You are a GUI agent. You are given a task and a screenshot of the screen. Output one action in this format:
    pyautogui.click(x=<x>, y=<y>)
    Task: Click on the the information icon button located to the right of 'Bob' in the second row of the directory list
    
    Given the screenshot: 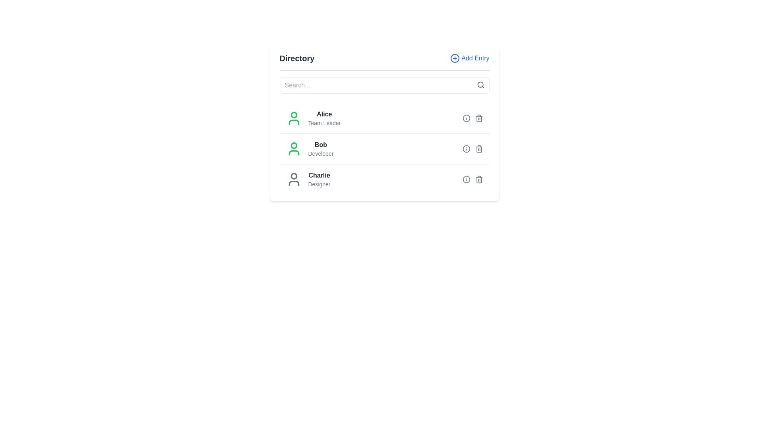 What is the action you would take?
    pyautogui.click(x=466, y=149)
    